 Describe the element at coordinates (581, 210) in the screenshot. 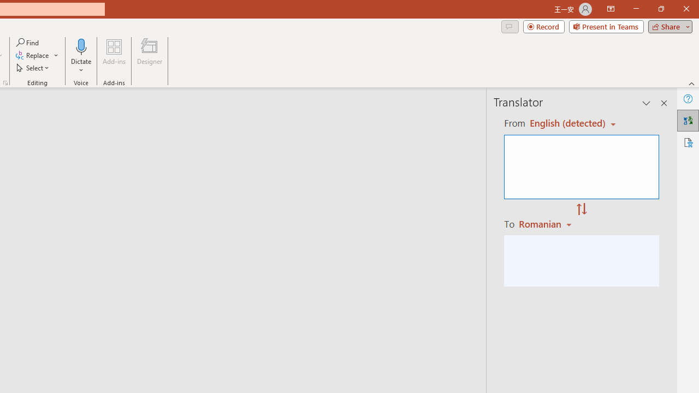

I see `'Swap "from" and "to" languages.'` at that location.